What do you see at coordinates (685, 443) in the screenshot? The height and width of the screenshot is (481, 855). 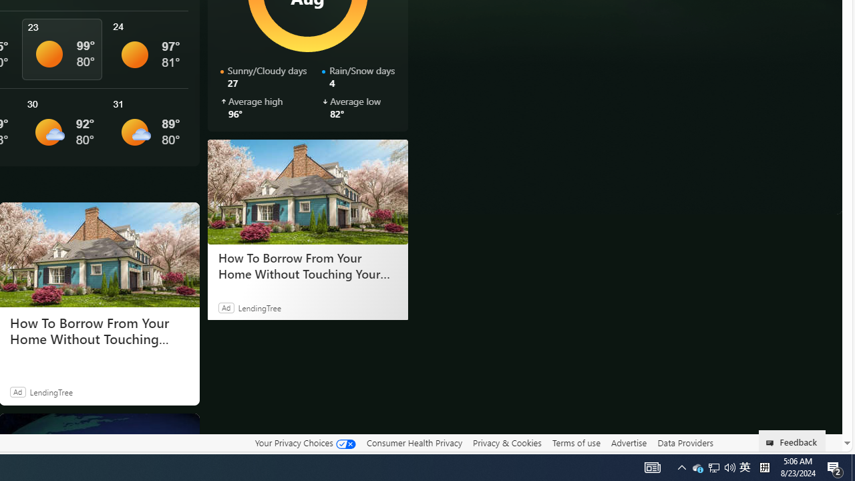 I see `'Data Providers'` at bounding box center [685, 443].